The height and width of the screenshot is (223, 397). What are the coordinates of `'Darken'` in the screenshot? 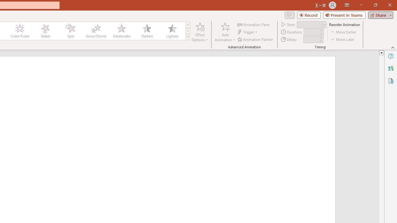 It's located at (146, 31).